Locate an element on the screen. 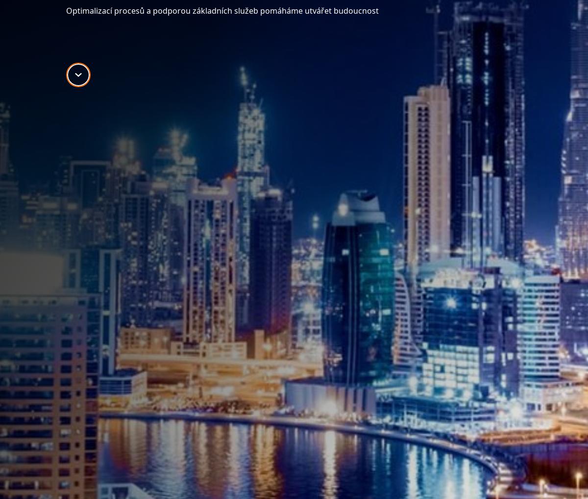  'Kariéra' is located at coordinates (392, 254).